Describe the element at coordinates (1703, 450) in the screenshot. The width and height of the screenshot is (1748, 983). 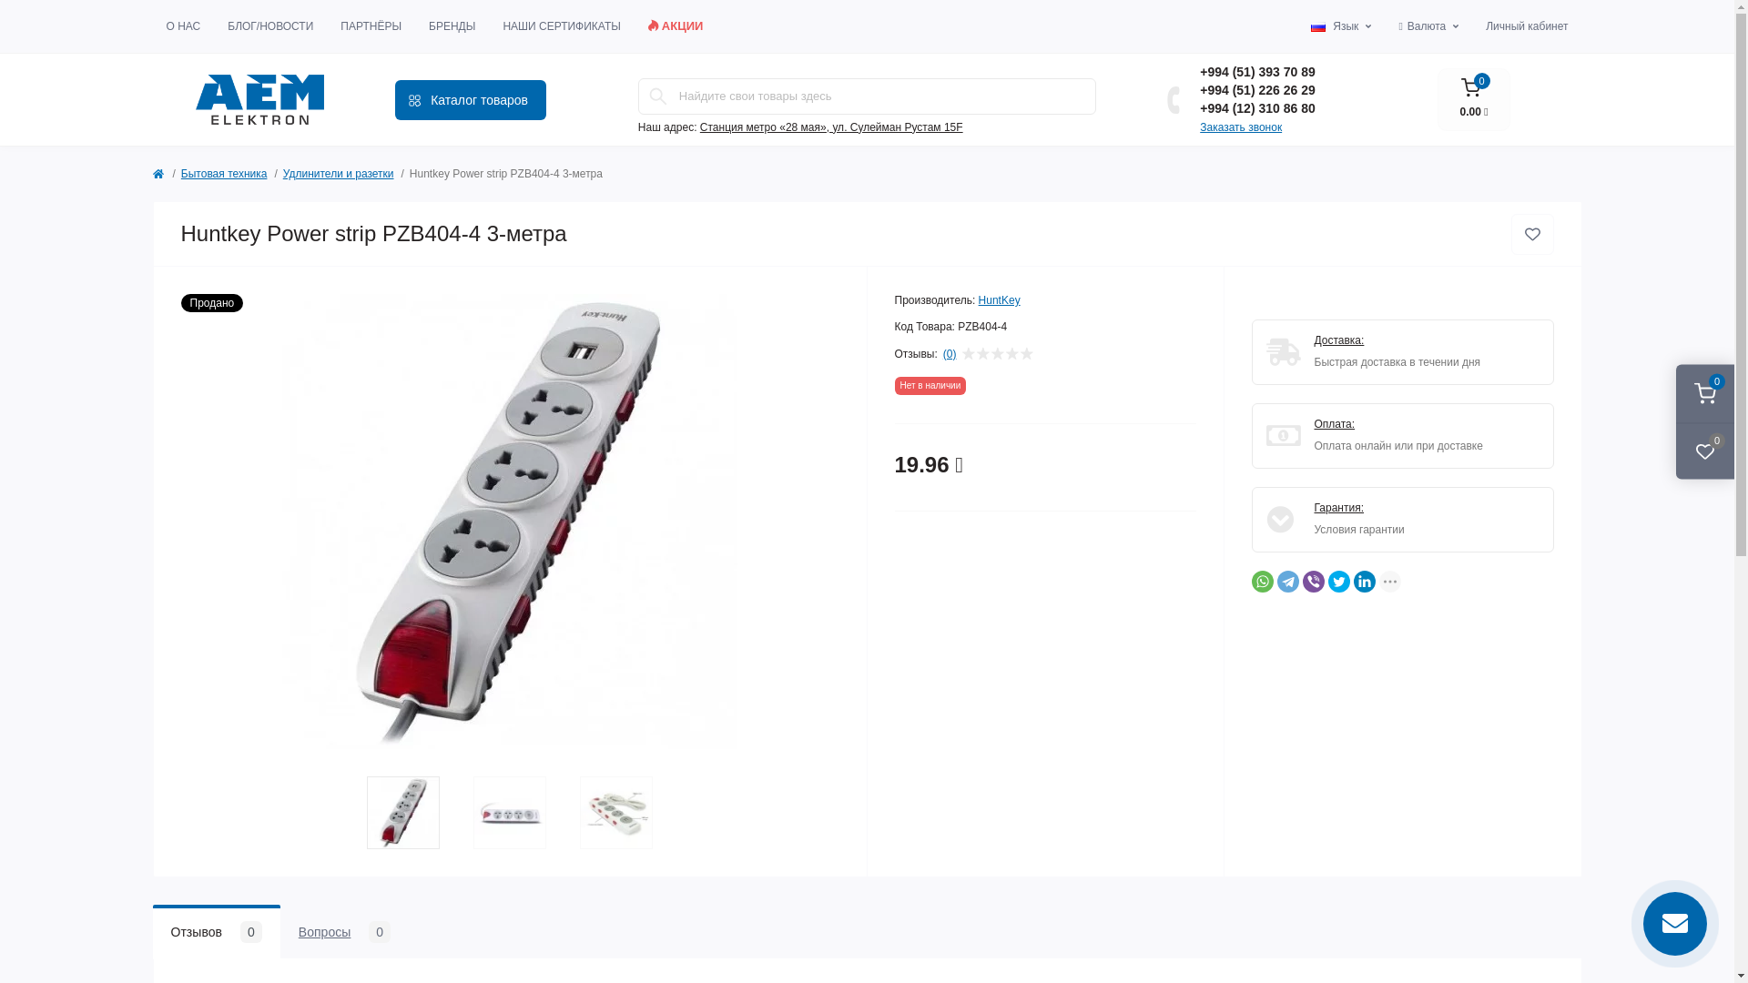
I see `'0'` at that location.